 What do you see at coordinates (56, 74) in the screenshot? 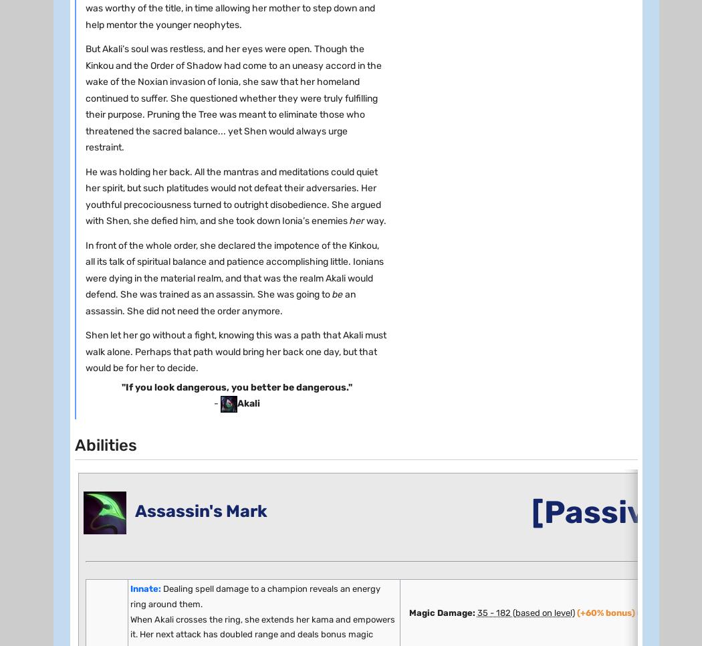
I see `'Community'` at bounding box center [56, 74].